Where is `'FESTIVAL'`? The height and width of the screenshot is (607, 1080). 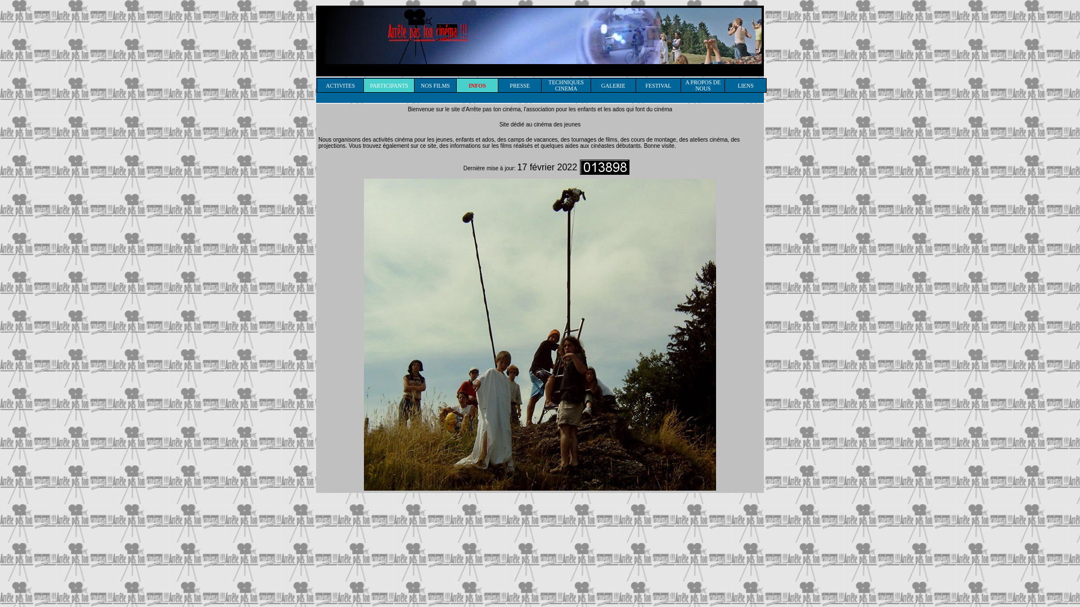 'FESTIVAL' is located at coordinates (659, 84).